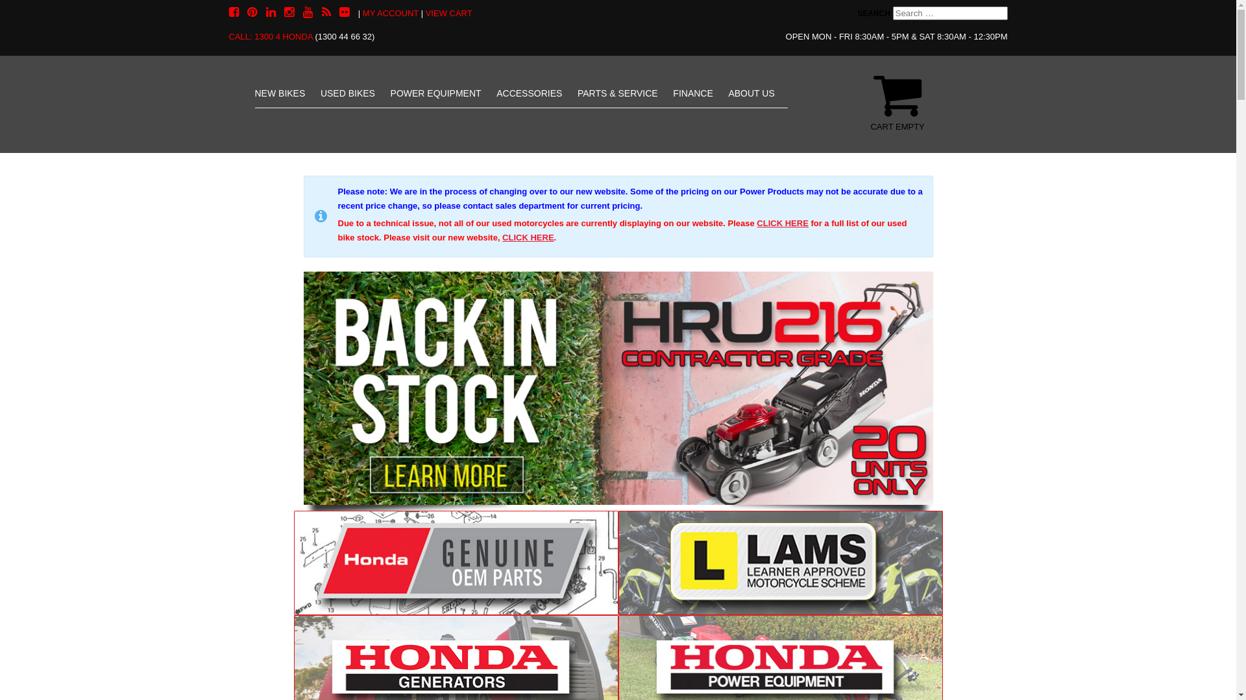  I want to click on 'PARTS & SERVICE', so click(617, 92).